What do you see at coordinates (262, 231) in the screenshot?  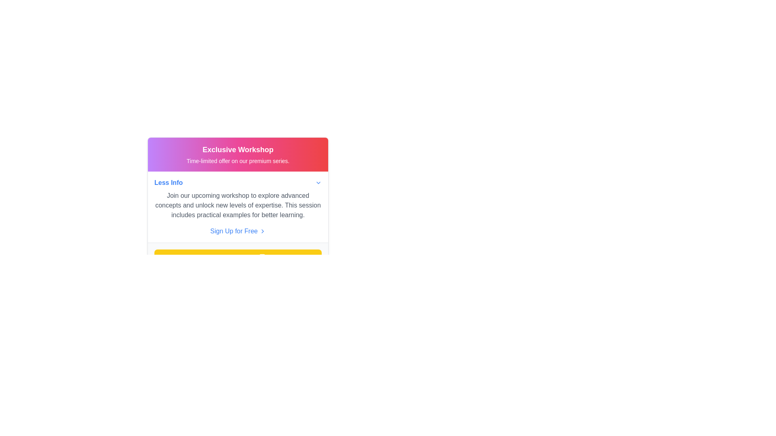 I see `the arrow-shaped icon pointing to the right, which is located immediately next to the 'Sign Up for Free' hyperlink` at bounding box center [262, 231].